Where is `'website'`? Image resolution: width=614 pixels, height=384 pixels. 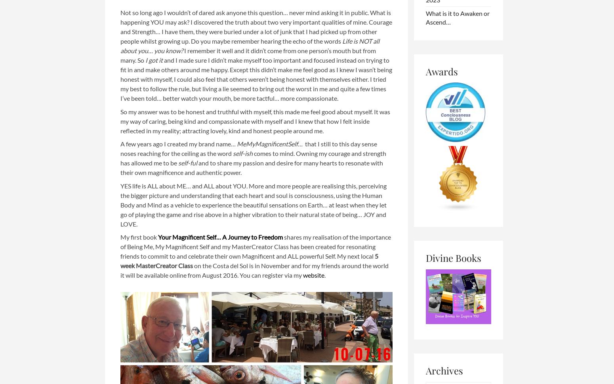
'website' is located at coordinates (303, 275).